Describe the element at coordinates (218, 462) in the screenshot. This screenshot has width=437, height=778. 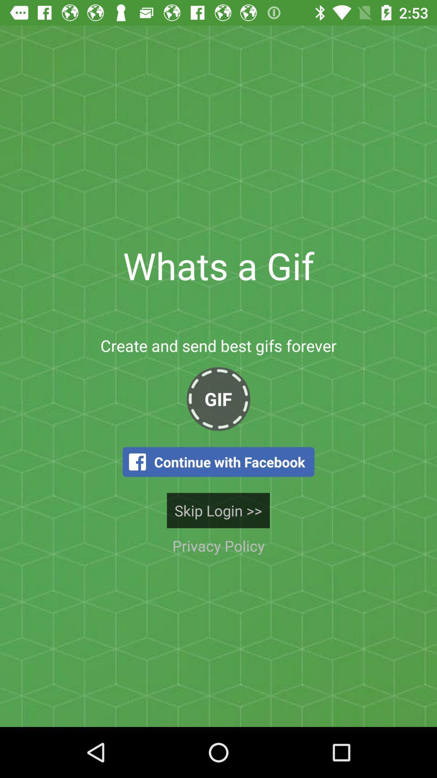
I see `continue with facebook` at that location.